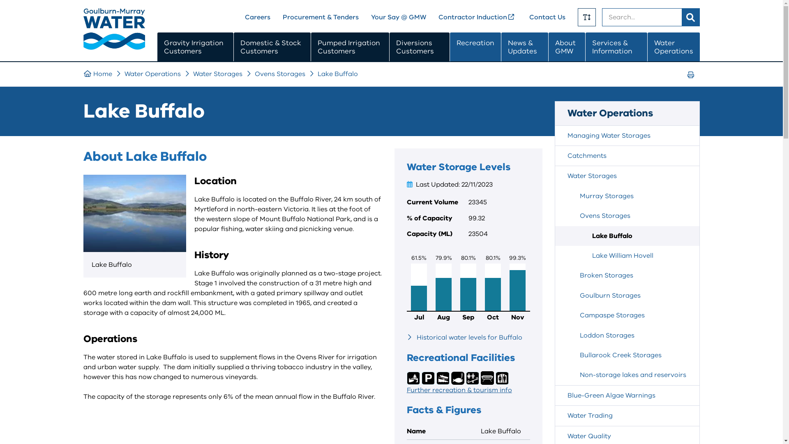  What do you see at coordinates (627, 215) in the screenshot?
I see `'Ovens Storages'` at bounding box center [627, 215].